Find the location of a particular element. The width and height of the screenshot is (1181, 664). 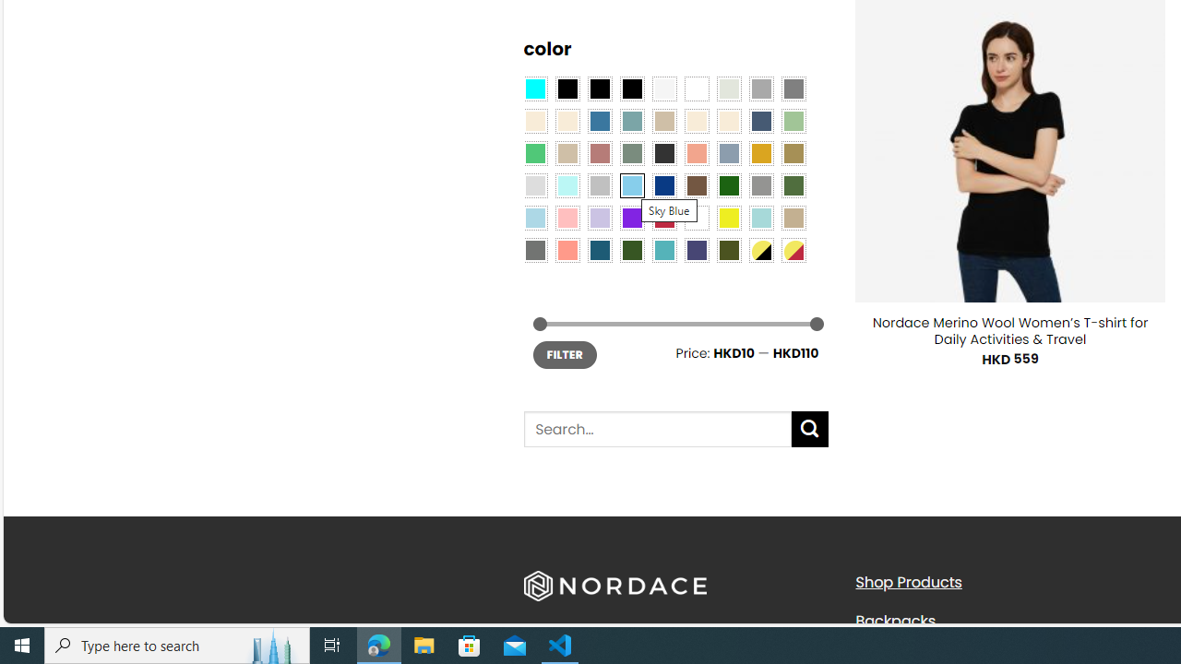

'Light Purple' is located at coordinates (600, 217).